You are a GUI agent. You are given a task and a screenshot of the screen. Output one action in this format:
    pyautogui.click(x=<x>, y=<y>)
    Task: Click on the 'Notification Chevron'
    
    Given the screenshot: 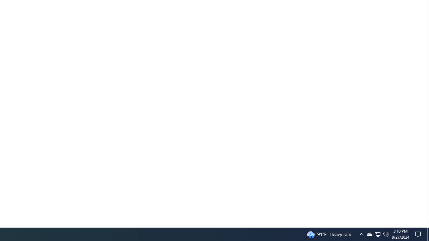 What is the action you would take?
    pyautogui.click(x=361, y=234)
    